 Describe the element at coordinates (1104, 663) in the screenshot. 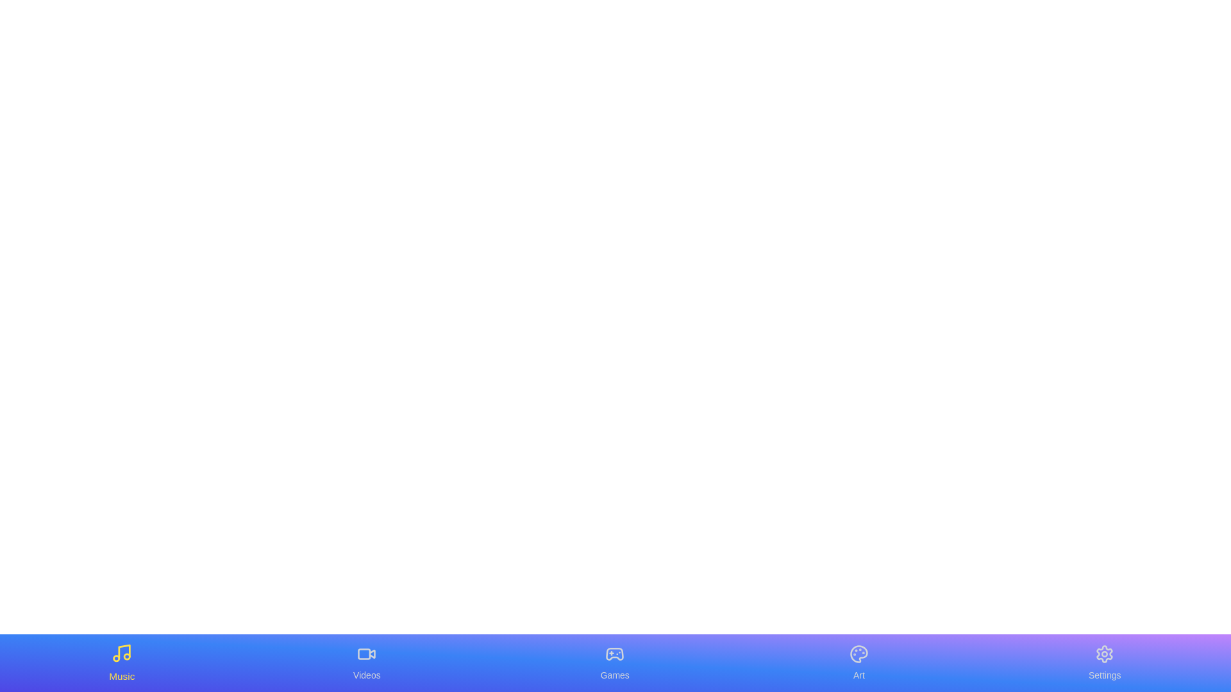

I see `the tab labeled Settings` at that location.